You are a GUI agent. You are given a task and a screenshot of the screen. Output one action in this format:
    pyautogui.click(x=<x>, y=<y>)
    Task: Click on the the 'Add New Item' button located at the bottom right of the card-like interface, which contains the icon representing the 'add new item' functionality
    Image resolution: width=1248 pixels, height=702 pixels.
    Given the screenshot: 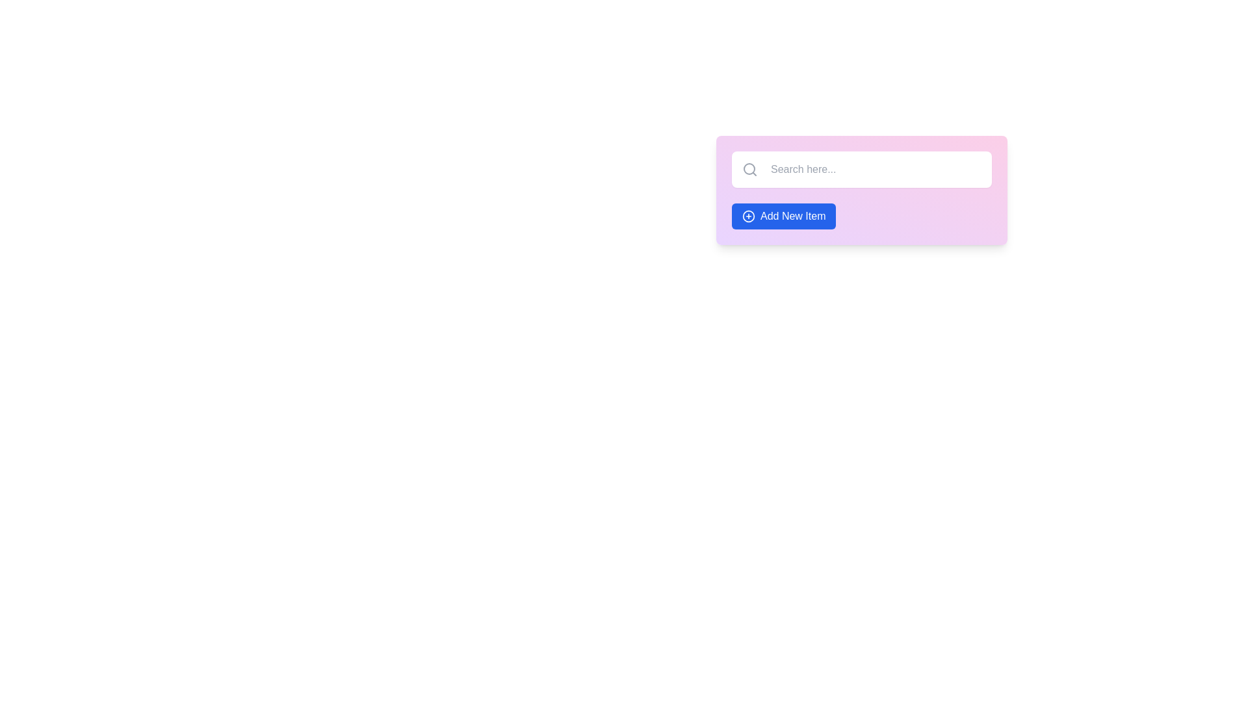 What is the action you would take?
    pyautogui.click(x=749, y=215)
    